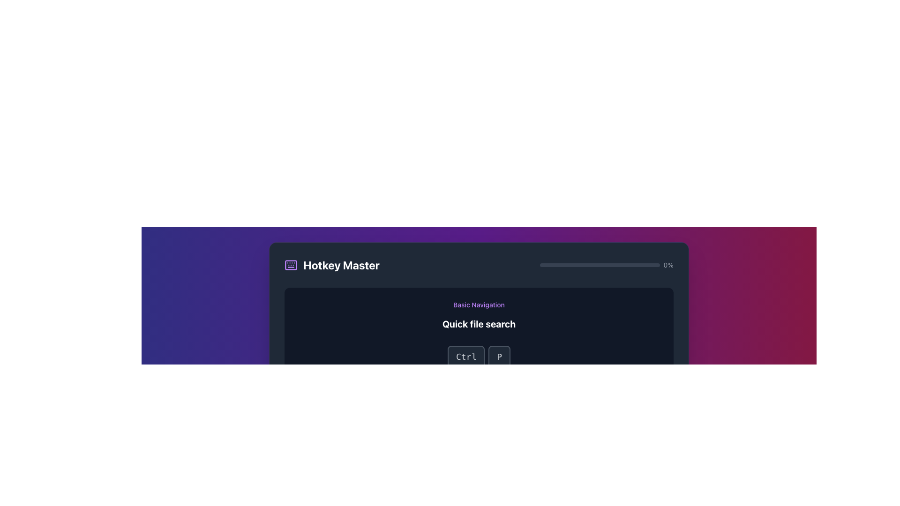 The image size is (900, 506). Describe the element at coordinates (599, 265) in the screenshot. I see `the Progress bar located in the top-right corner of the 'Hotkey Master' section, adjacent to the '0%' percentage indicator` at that location.